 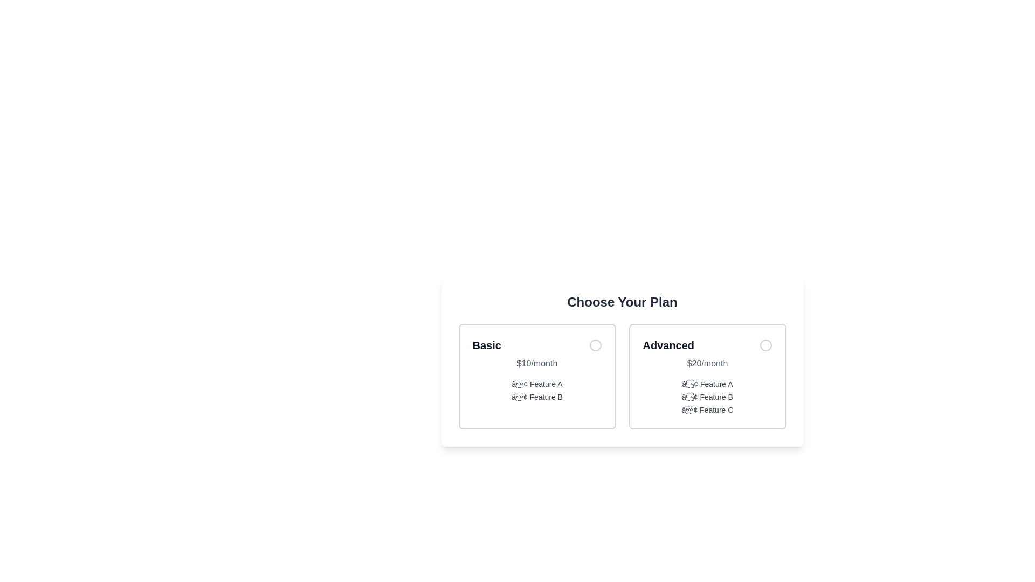 I want to click on the text label indicating the cost of the 'Basic' plan in the pricing interface, located within the leftmost plan card of the 'Choose Your Plan' section, so click(x=537, y=364).